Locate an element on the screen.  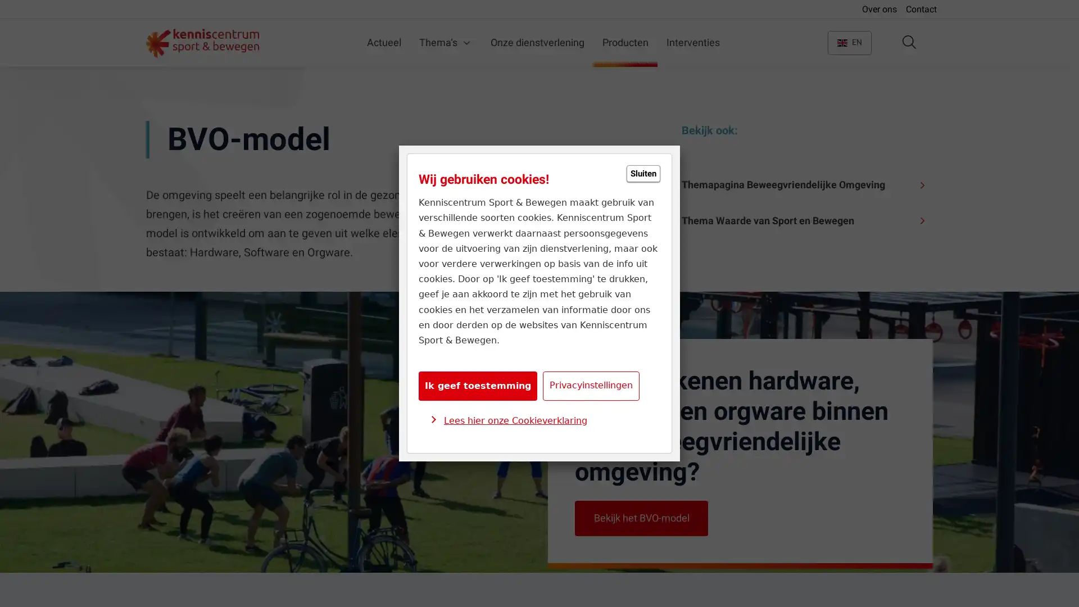
Ik geef toestemming is located at coordinates (478, 385).